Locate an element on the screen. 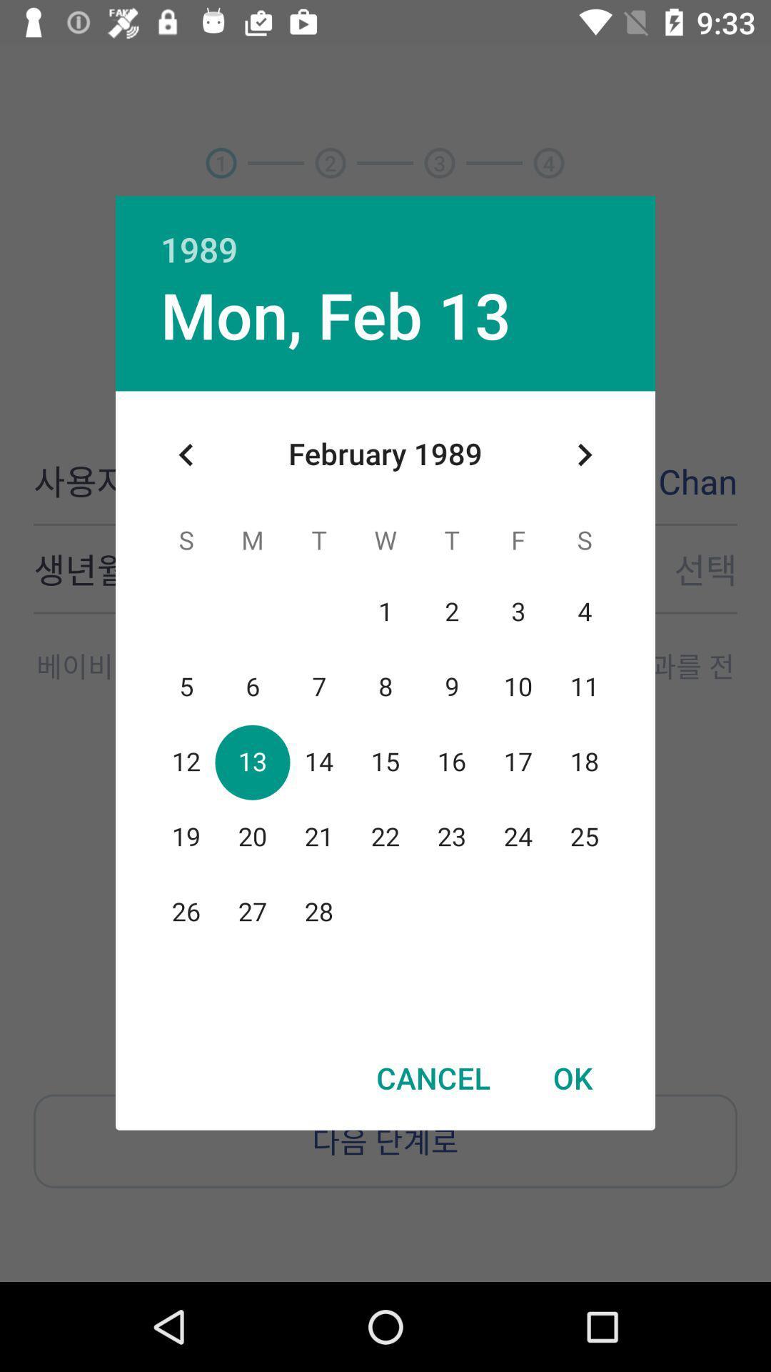 The image size is (771, 1372). the item to the left of the ok icon is located at coordinates (433, 1078).